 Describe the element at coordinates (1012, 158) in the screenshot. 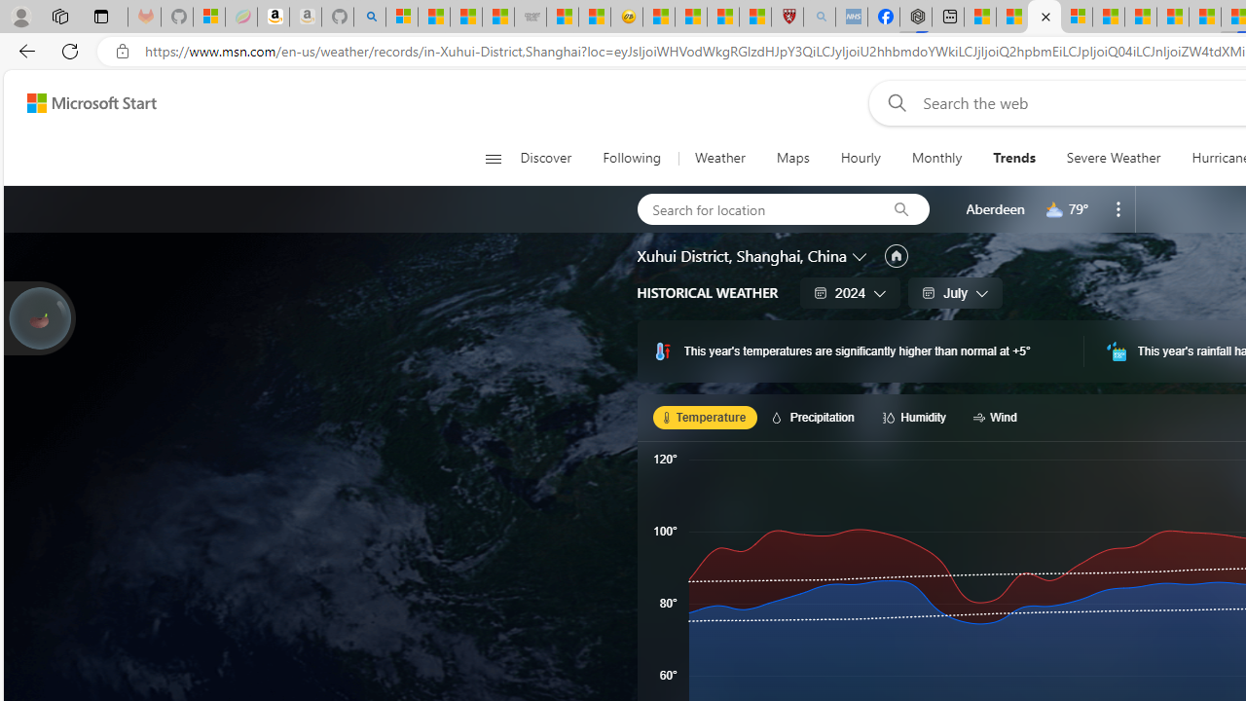

I see `'Trends'` at that location.